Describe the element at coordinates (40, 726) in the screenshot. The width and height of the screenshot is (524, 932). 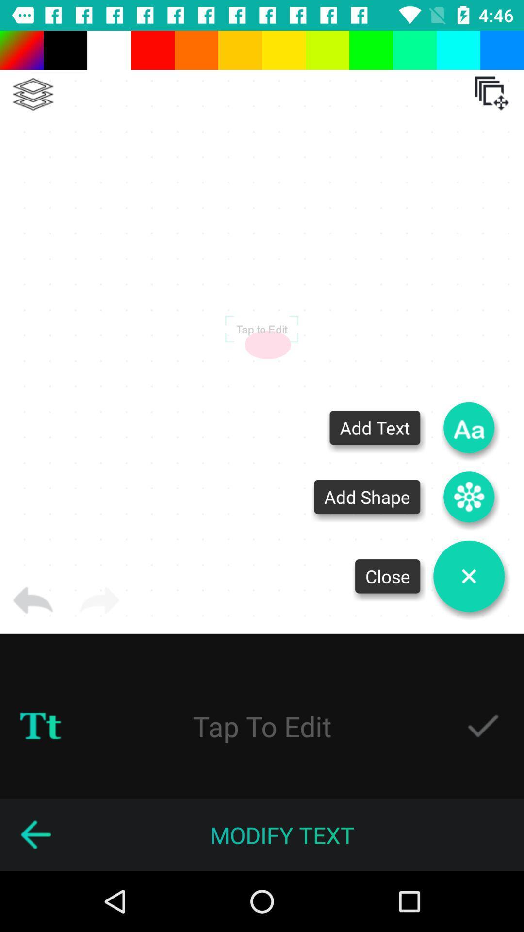
I see `change to uppercase or lowercase` at that location.